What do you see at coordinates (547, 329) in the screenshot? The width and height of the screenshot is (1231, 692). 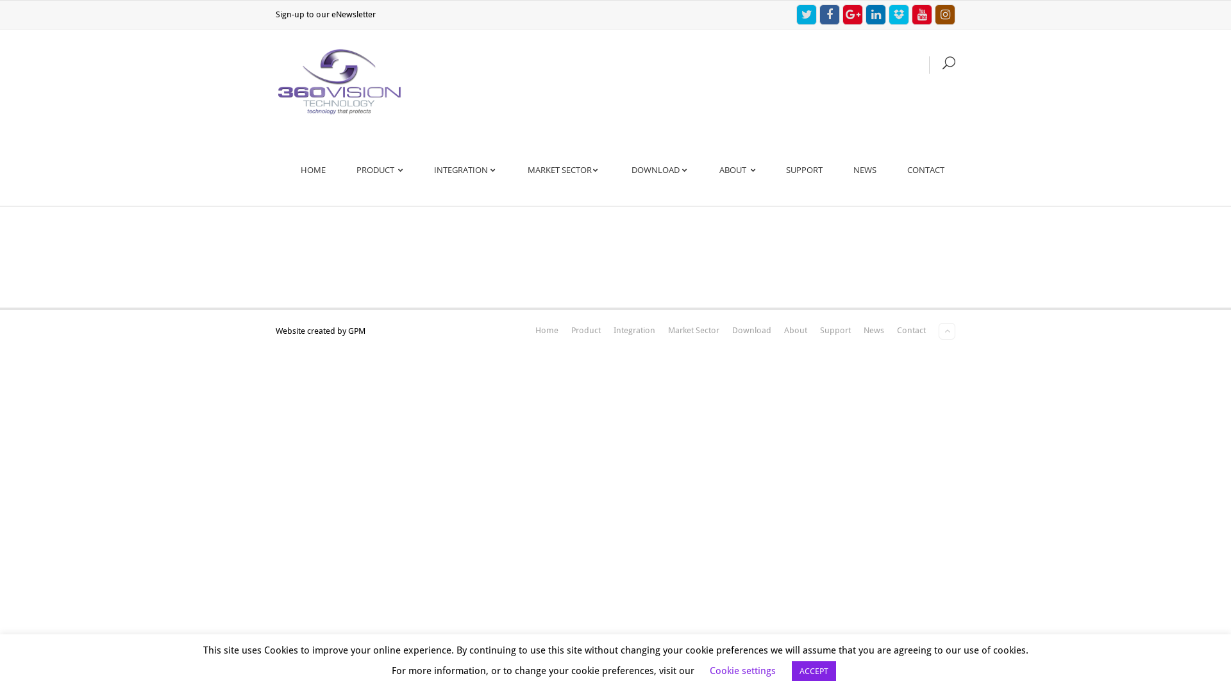 I see `'Home'` at bounding box center [547, 329].